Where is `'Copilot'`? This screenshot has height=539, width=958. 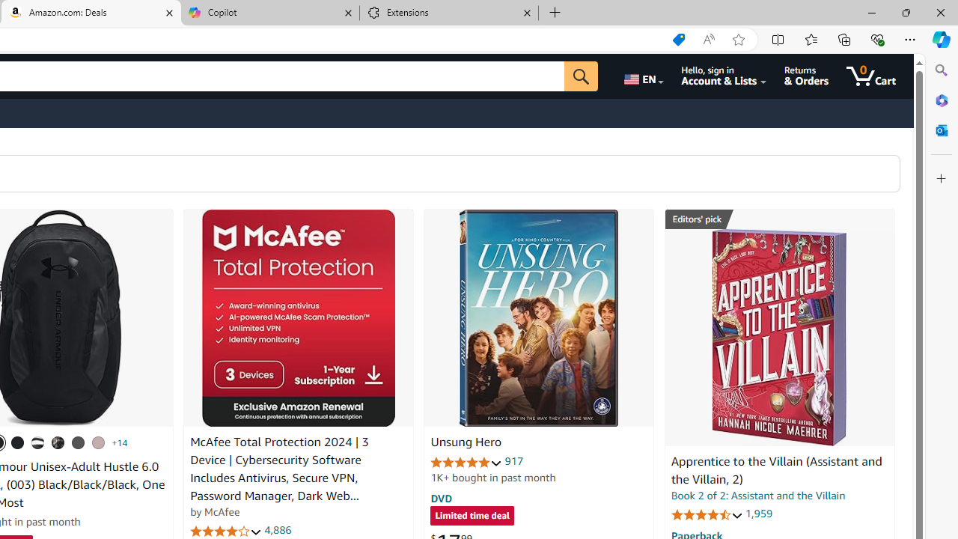 'Copilot' is located at coordinates (269, 13).